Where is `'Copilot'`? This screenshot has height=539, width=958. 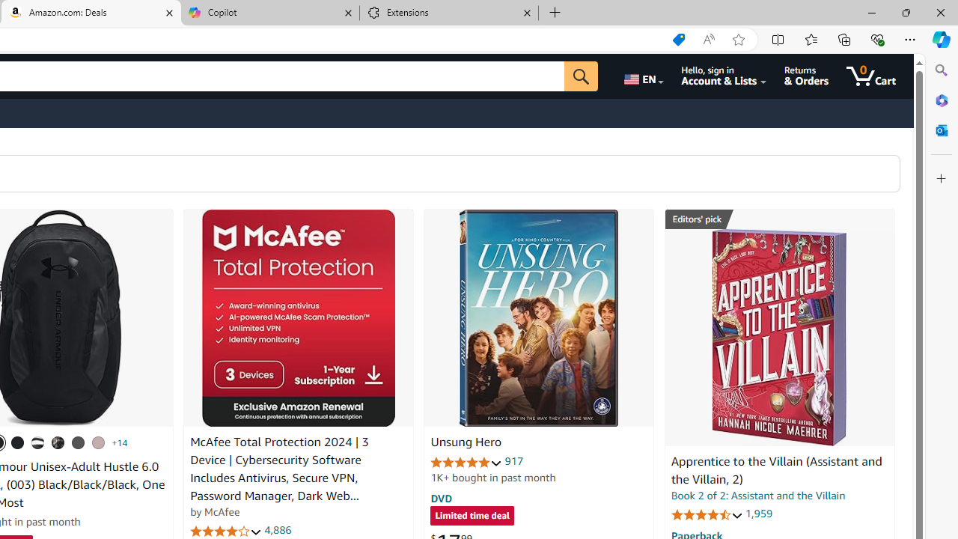 'Copilot' is located at coordinates (269, 13).